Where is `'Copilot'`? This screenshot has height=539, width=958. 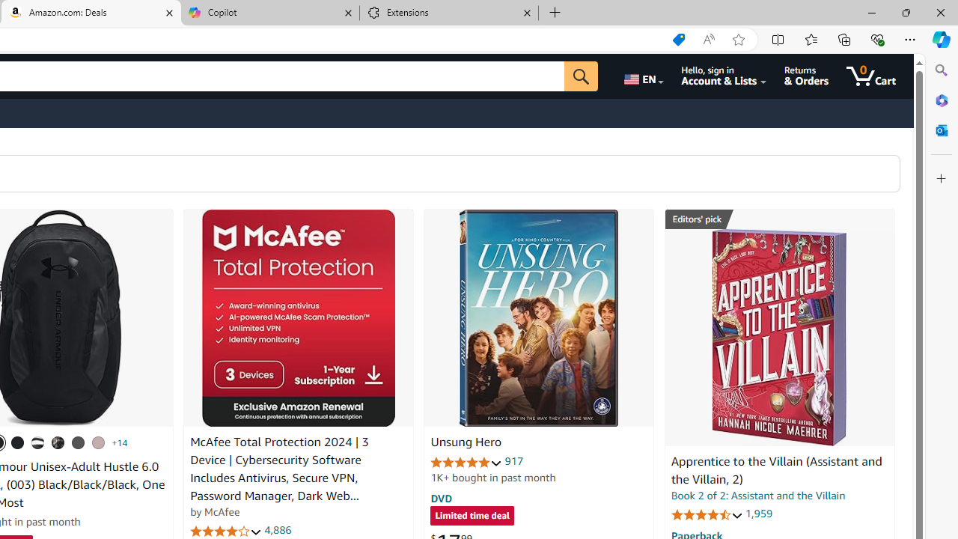 'Copilot' is located at coordinates (269, 13).